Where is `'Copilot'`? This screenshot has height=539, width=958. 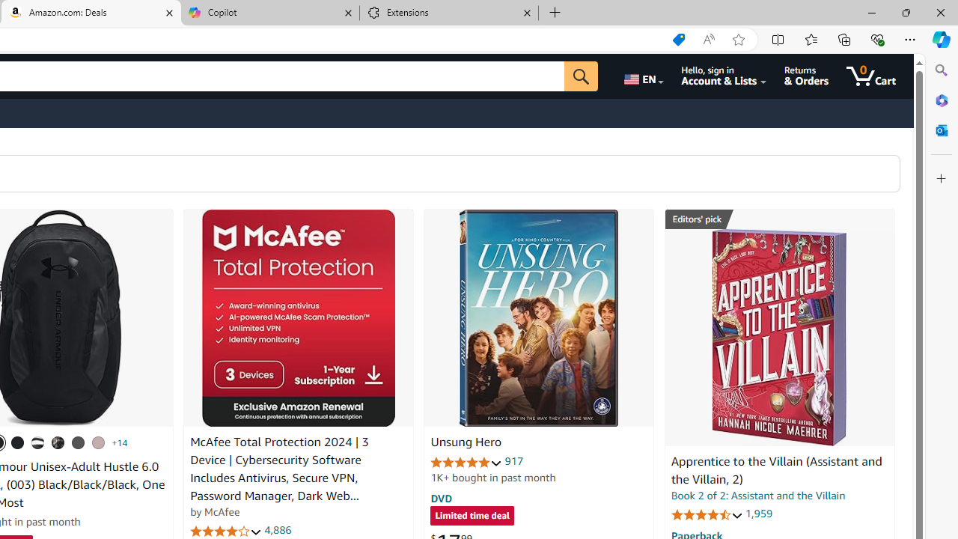 'Copilot' is located at coordinates (269, 13).